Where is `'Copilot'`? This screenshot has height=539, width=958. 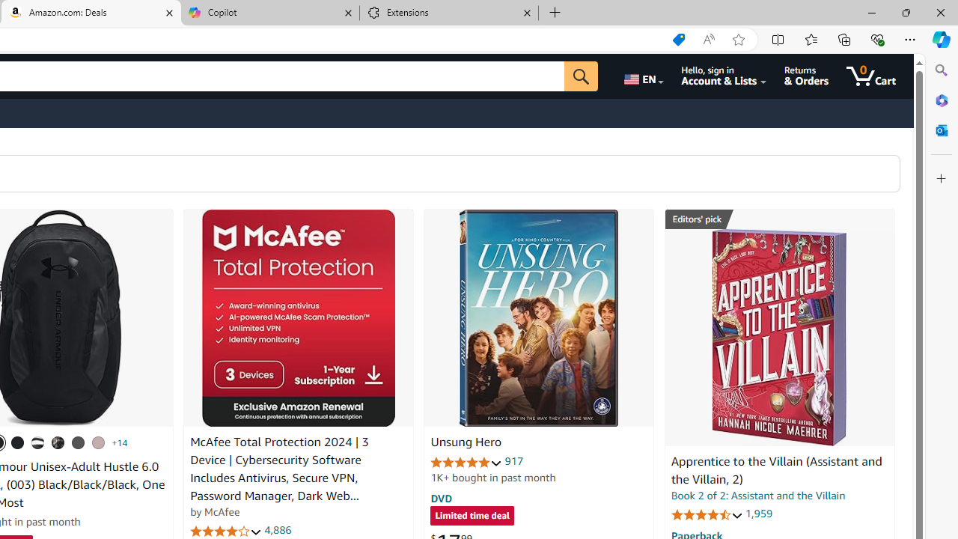 'Copilot' is located at coordinates (269, 13).